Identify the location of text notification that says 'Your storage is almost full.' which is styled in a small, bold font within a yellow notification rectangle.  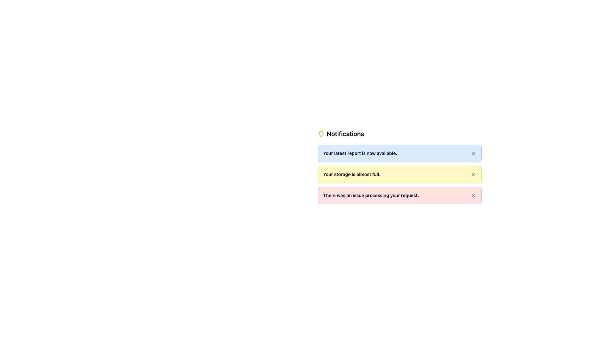
(351, 174).